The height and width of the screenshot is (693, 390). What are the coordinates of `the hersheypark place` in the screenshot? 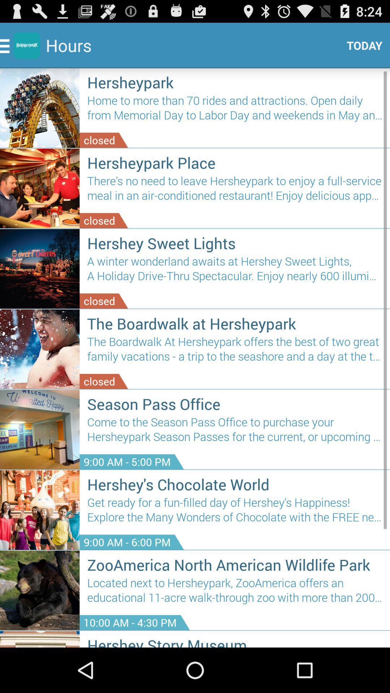 It's located at (235, 162).